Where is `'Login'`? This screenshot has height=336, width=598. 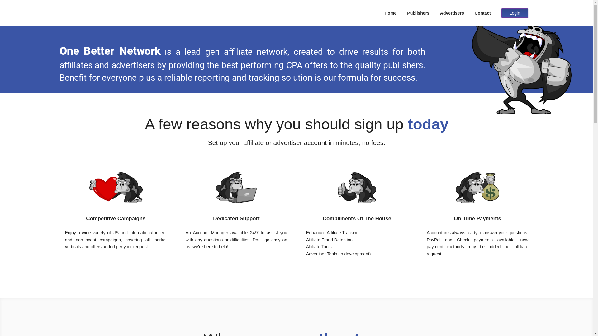 'Login' is located at coordinates (515, 13).